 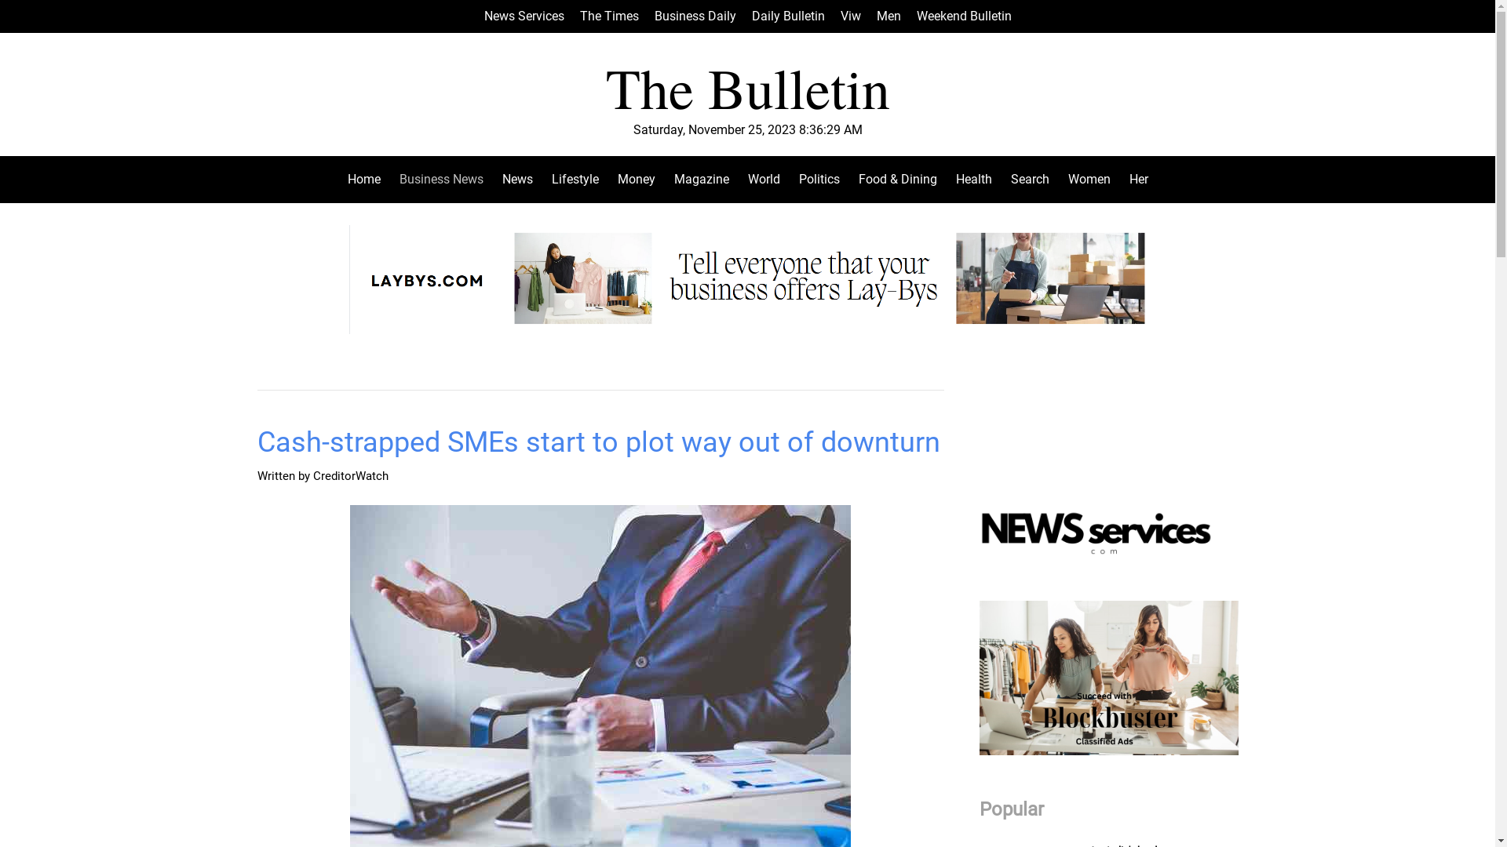 I want to click on 'Men', so click(x=888, y=16).